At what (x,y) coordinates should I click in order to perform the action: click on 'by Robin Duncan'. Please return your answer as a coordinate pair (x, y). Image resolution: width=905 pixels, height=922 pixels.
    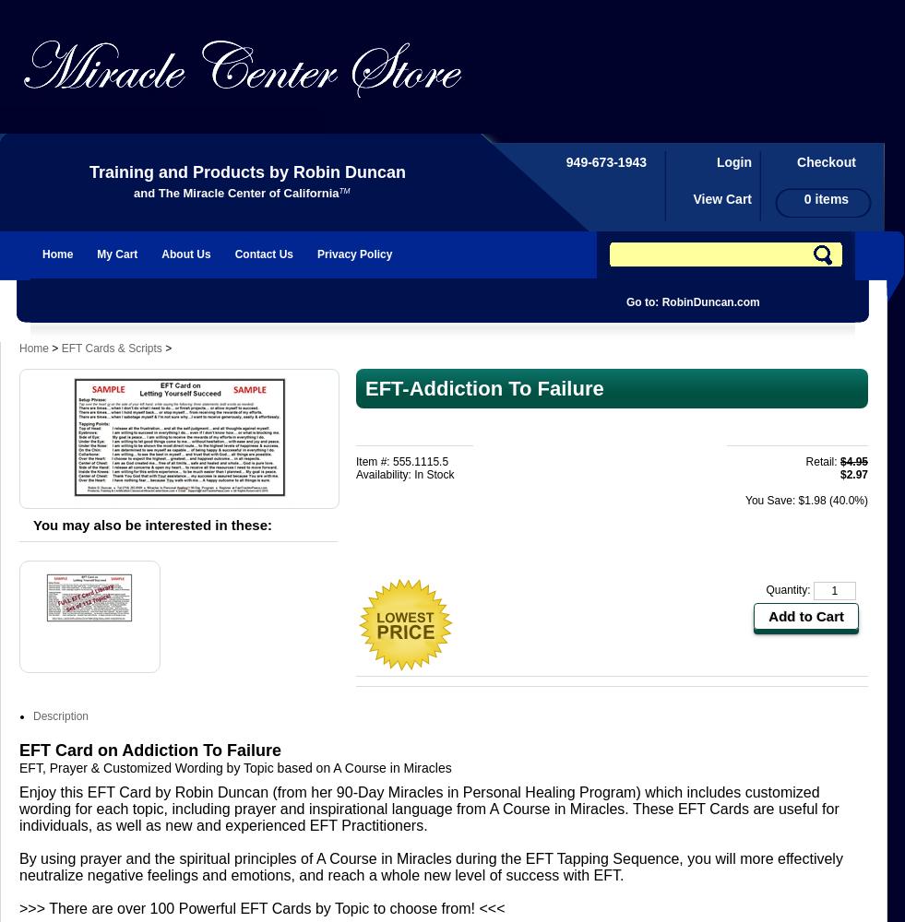
    Looking at the image, I should click on (334, 172).